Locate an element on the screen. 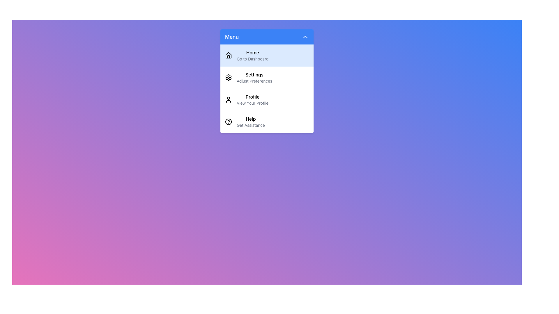 This screenshot has height=314, width=559. the chevron-shaped icon with a white outline on a blue background located to the right of the 'Menu' header is located at coordinates (305, 37).